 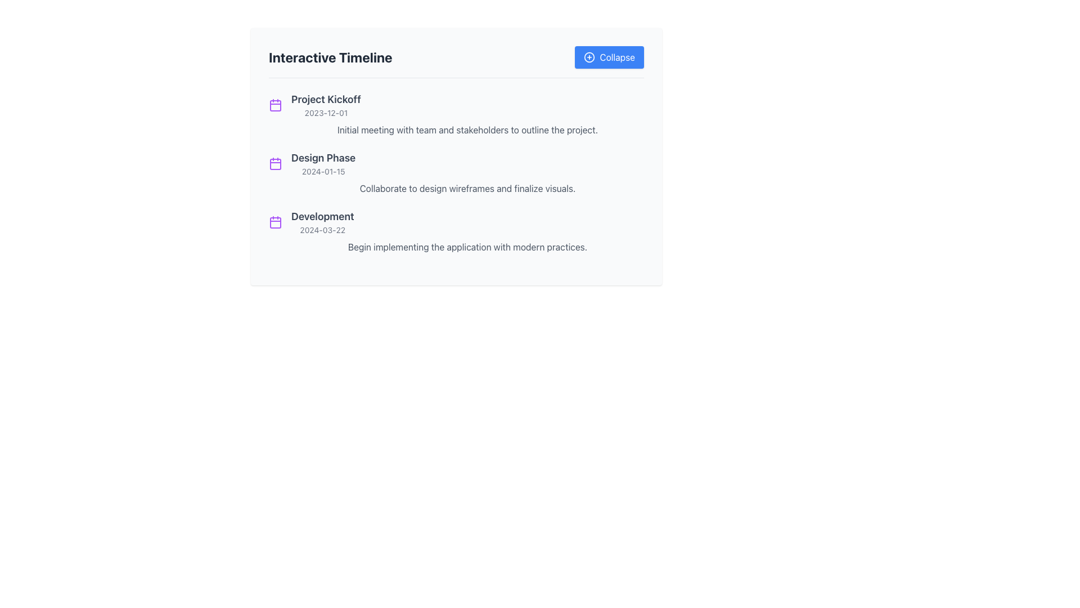 I want to click on the second item in the vertical timeline, which denotes a specific phase with a title and subtitle structure, located below the 'Project Kickoff' element and above the 'Development' element, so click(x=323, y=163).